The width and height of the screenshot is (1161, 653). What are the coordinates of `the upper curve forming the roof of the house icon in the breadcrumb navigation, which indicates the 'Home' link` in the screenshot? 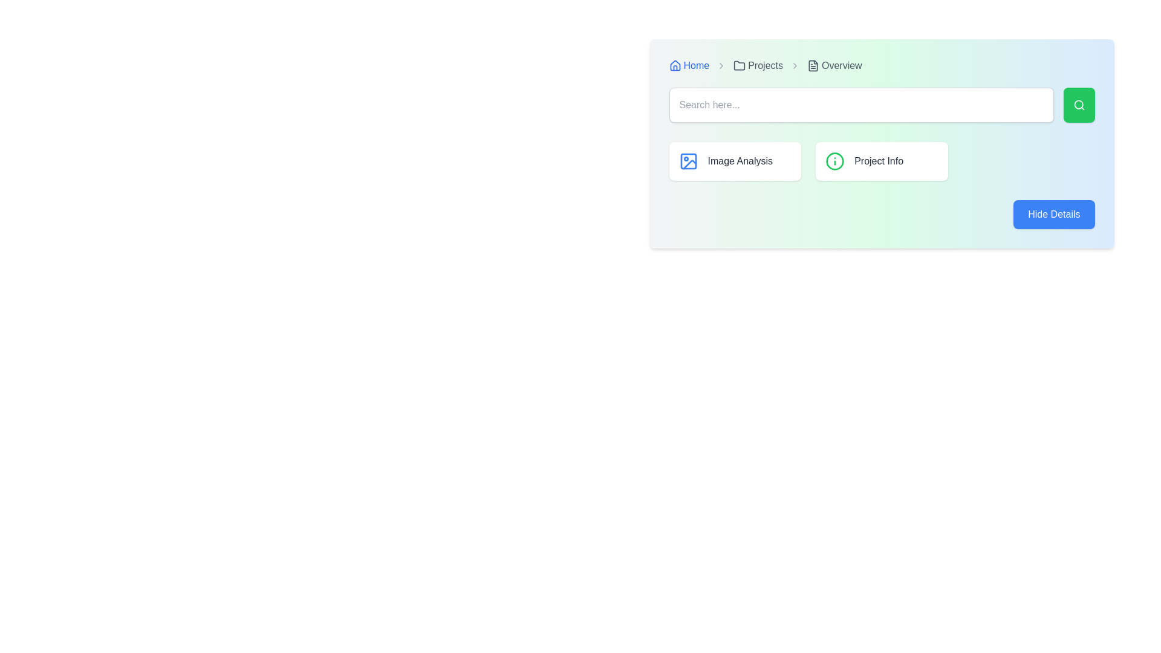 It's located at (674, 65).